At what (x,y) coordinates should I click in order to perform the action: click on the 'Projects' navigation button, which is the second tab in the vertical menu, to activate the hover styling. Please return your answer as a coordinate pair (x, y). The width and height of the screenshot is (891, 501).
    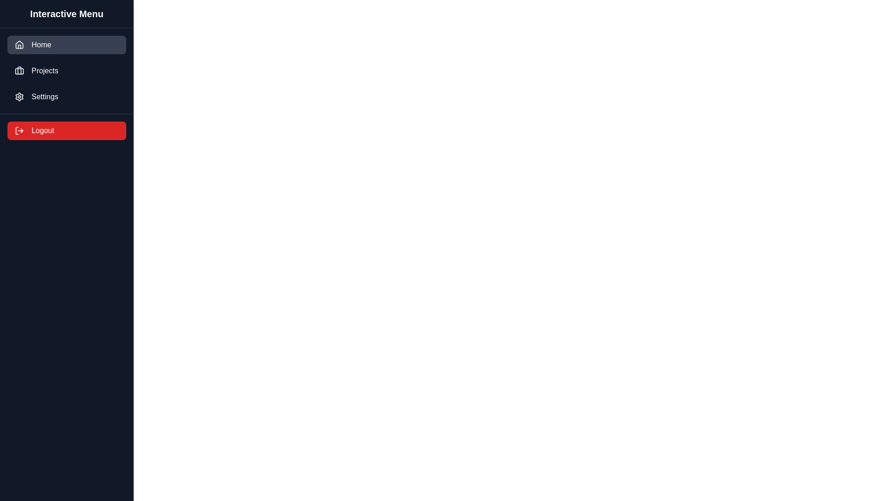
    Looking at the image, I should click on (66, 71).